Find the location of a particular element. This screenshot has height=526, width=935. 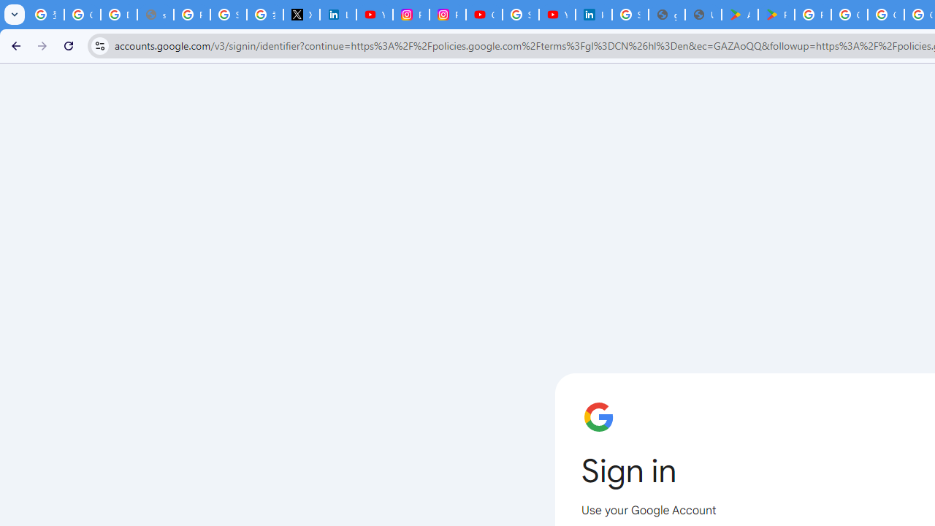

'support.google.com - Network error' is located at coordinates (156, 15).